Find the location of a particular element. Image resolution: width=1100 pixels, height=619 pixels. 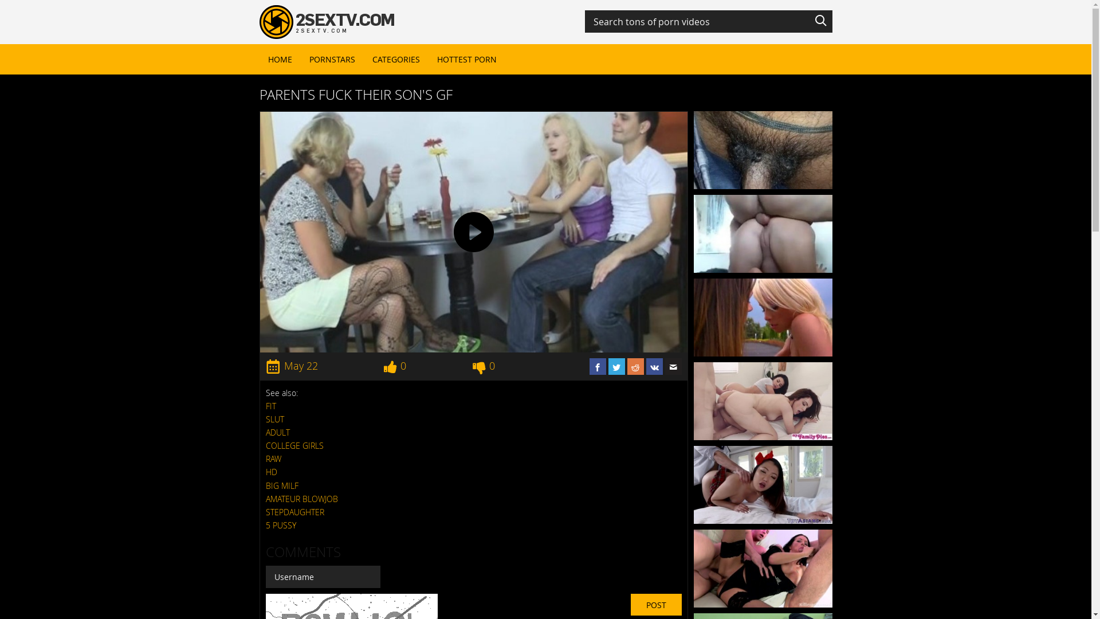

'STEPDAUGHTER' is located at coordinates (294, 511).